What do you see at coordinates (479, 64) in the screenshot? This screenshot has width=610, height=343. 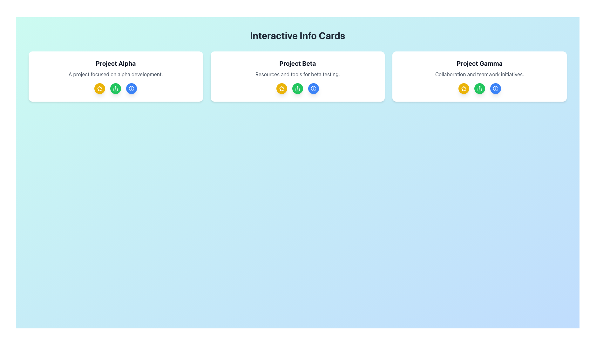 I see `the 'Project Gamma' text label, which is a bold, black header centrally aligned in the topmost section of the rightmost card in a three-card layout` at bounding box center [479, 64].